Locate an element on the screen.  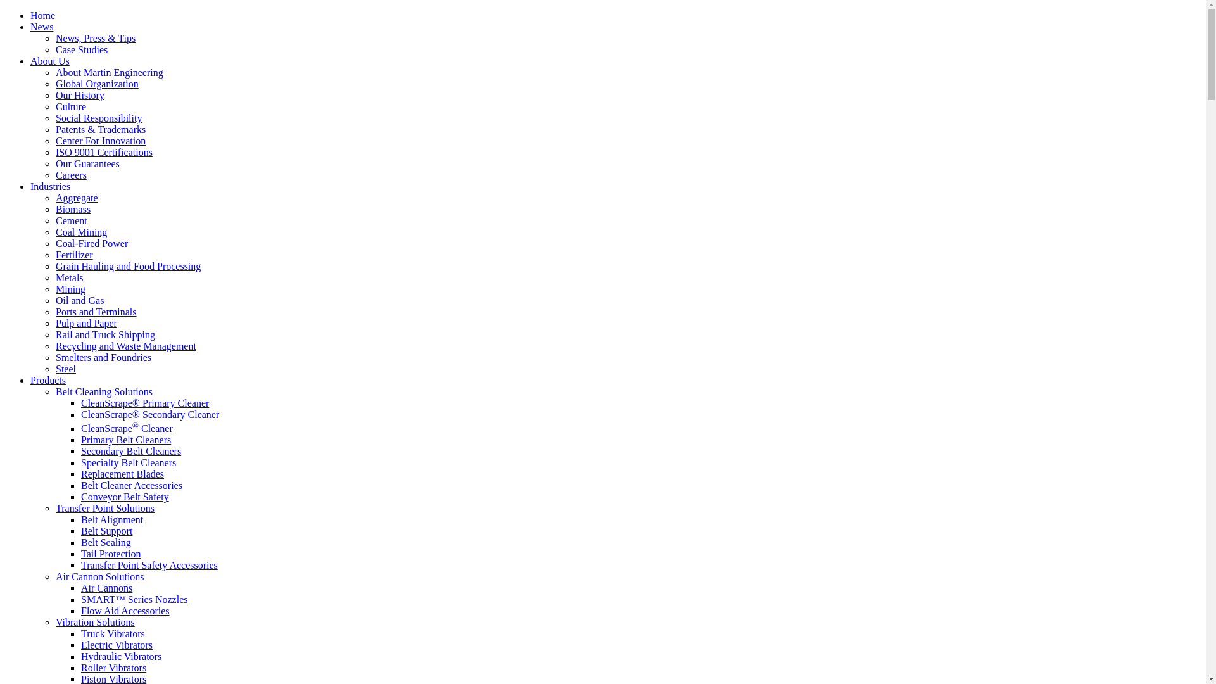
'Hydraulic Vibrators' is located at coordinates (121, 655).